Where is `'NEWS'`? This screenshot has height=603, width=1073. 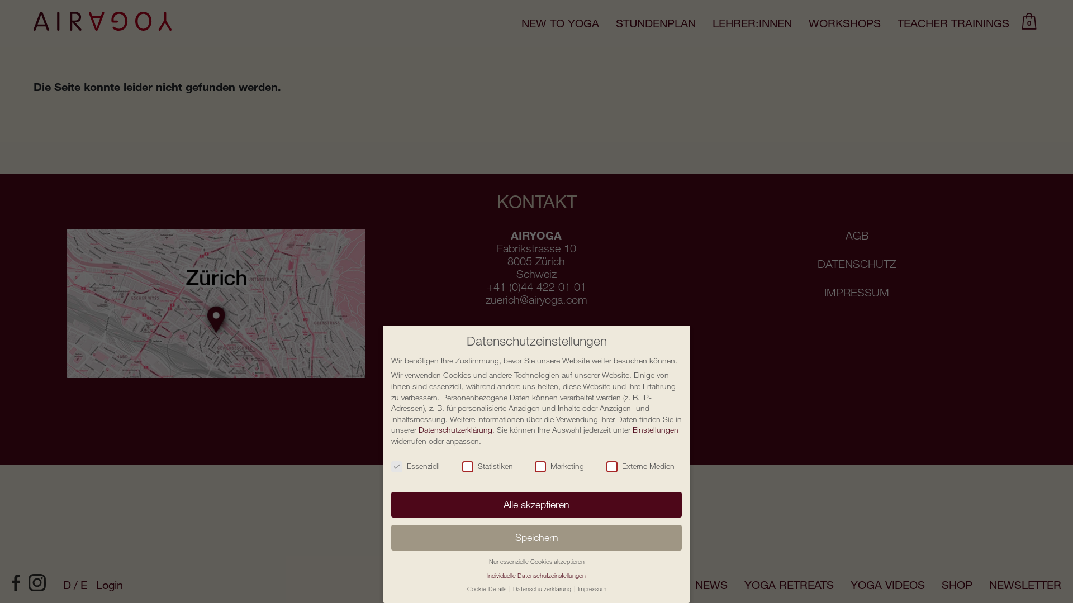
'NEWS' is located at coordinates (694, 584).